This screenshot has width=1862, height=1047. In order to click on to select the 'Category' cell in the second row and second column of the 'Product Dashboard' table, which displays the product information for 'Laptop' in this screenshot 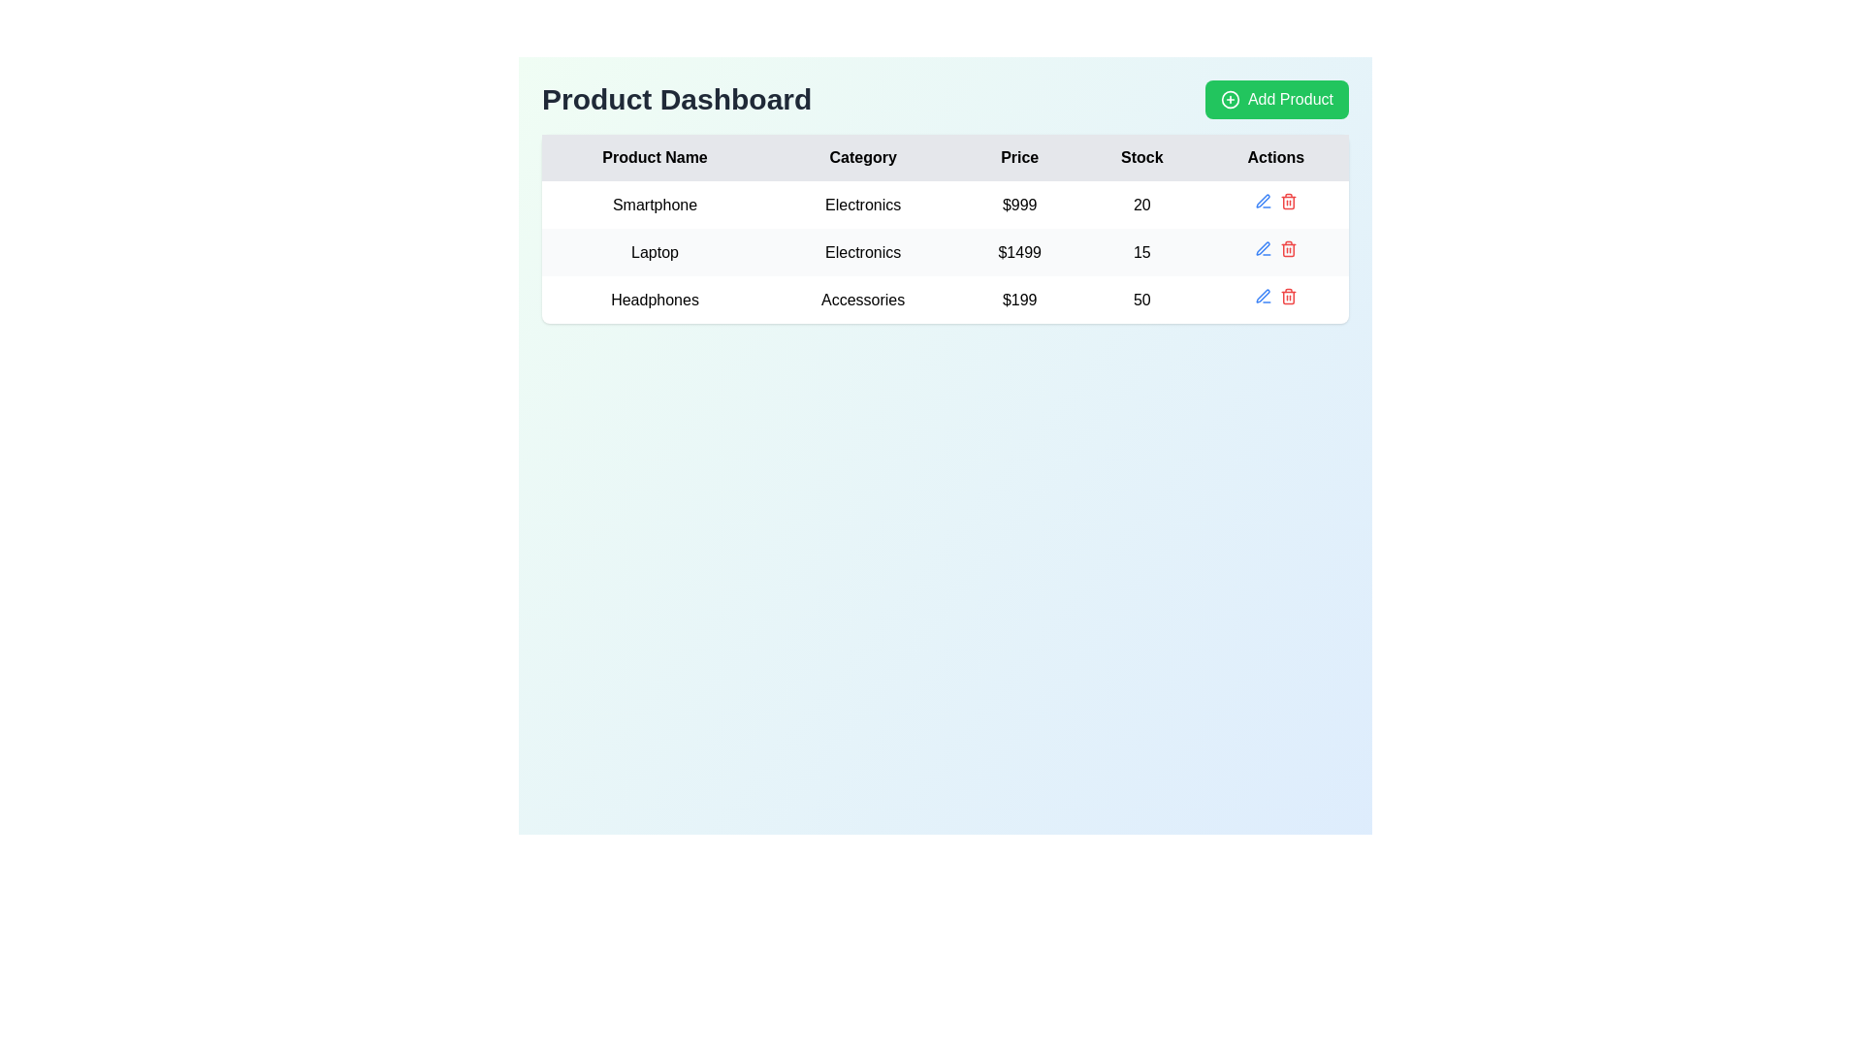, I will do `click(861, 250)`.